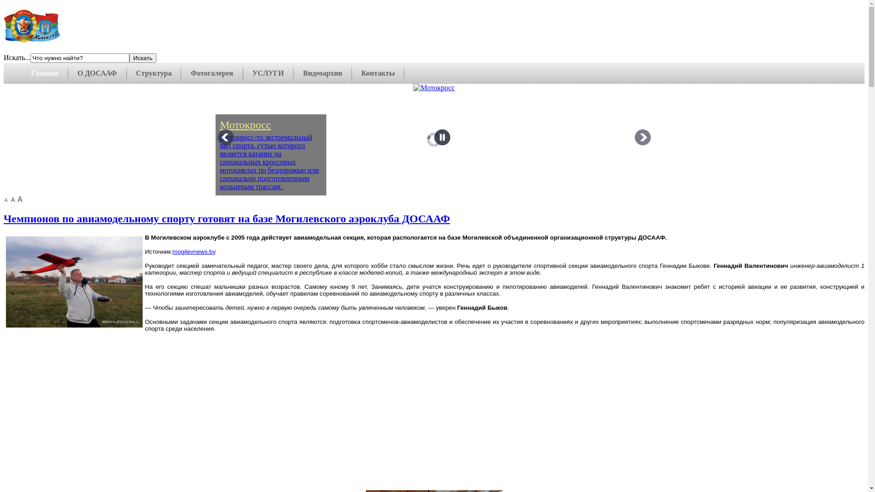 This screenshot has height=492, width=875. Describe the element at coordinates (20, 199) in the screenshot. I see `'large size'` at that location.